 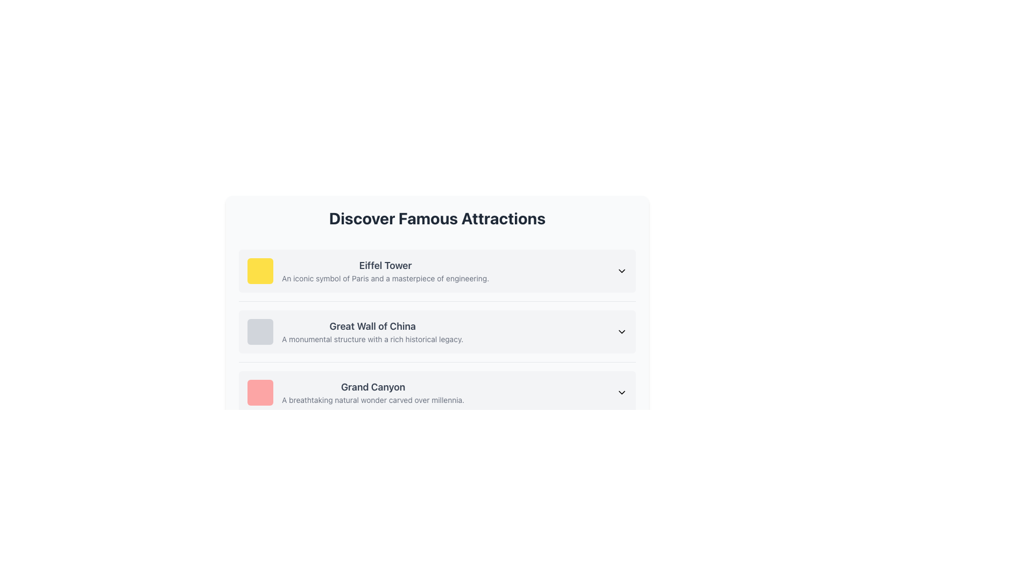 What do you see at coordinates (437, 331) in the screenshot?
I see `the second list item labeled 'Great Wall of China'` at bounding box center [437, 331].